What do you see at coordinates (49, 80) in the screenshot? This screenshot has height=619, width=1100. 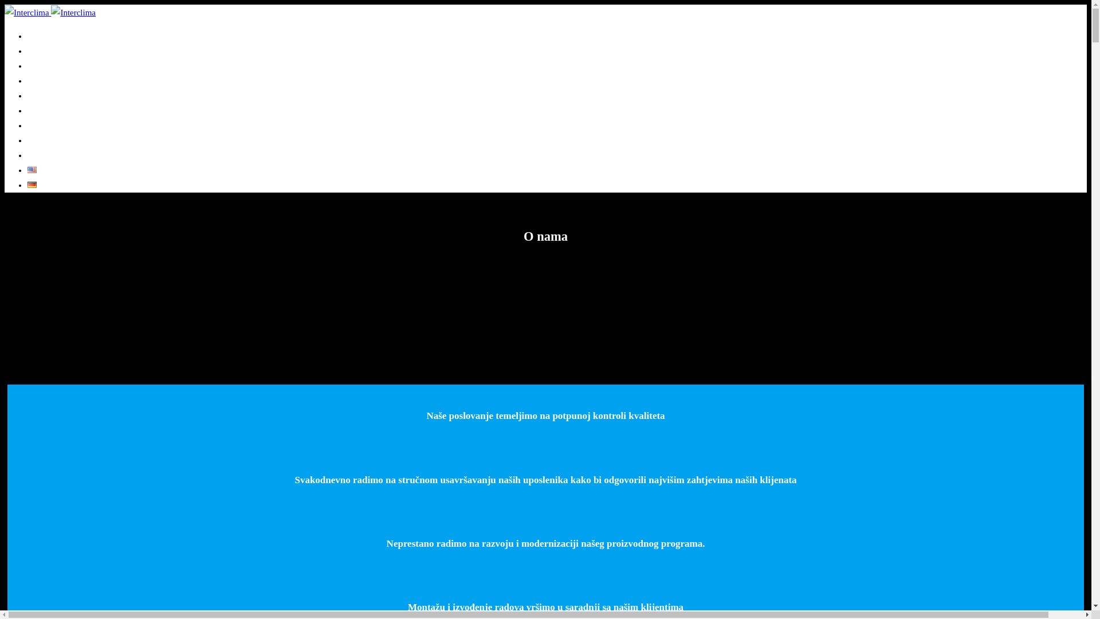 I see `'Proizvodnja'` at bounding box center [49, 80].